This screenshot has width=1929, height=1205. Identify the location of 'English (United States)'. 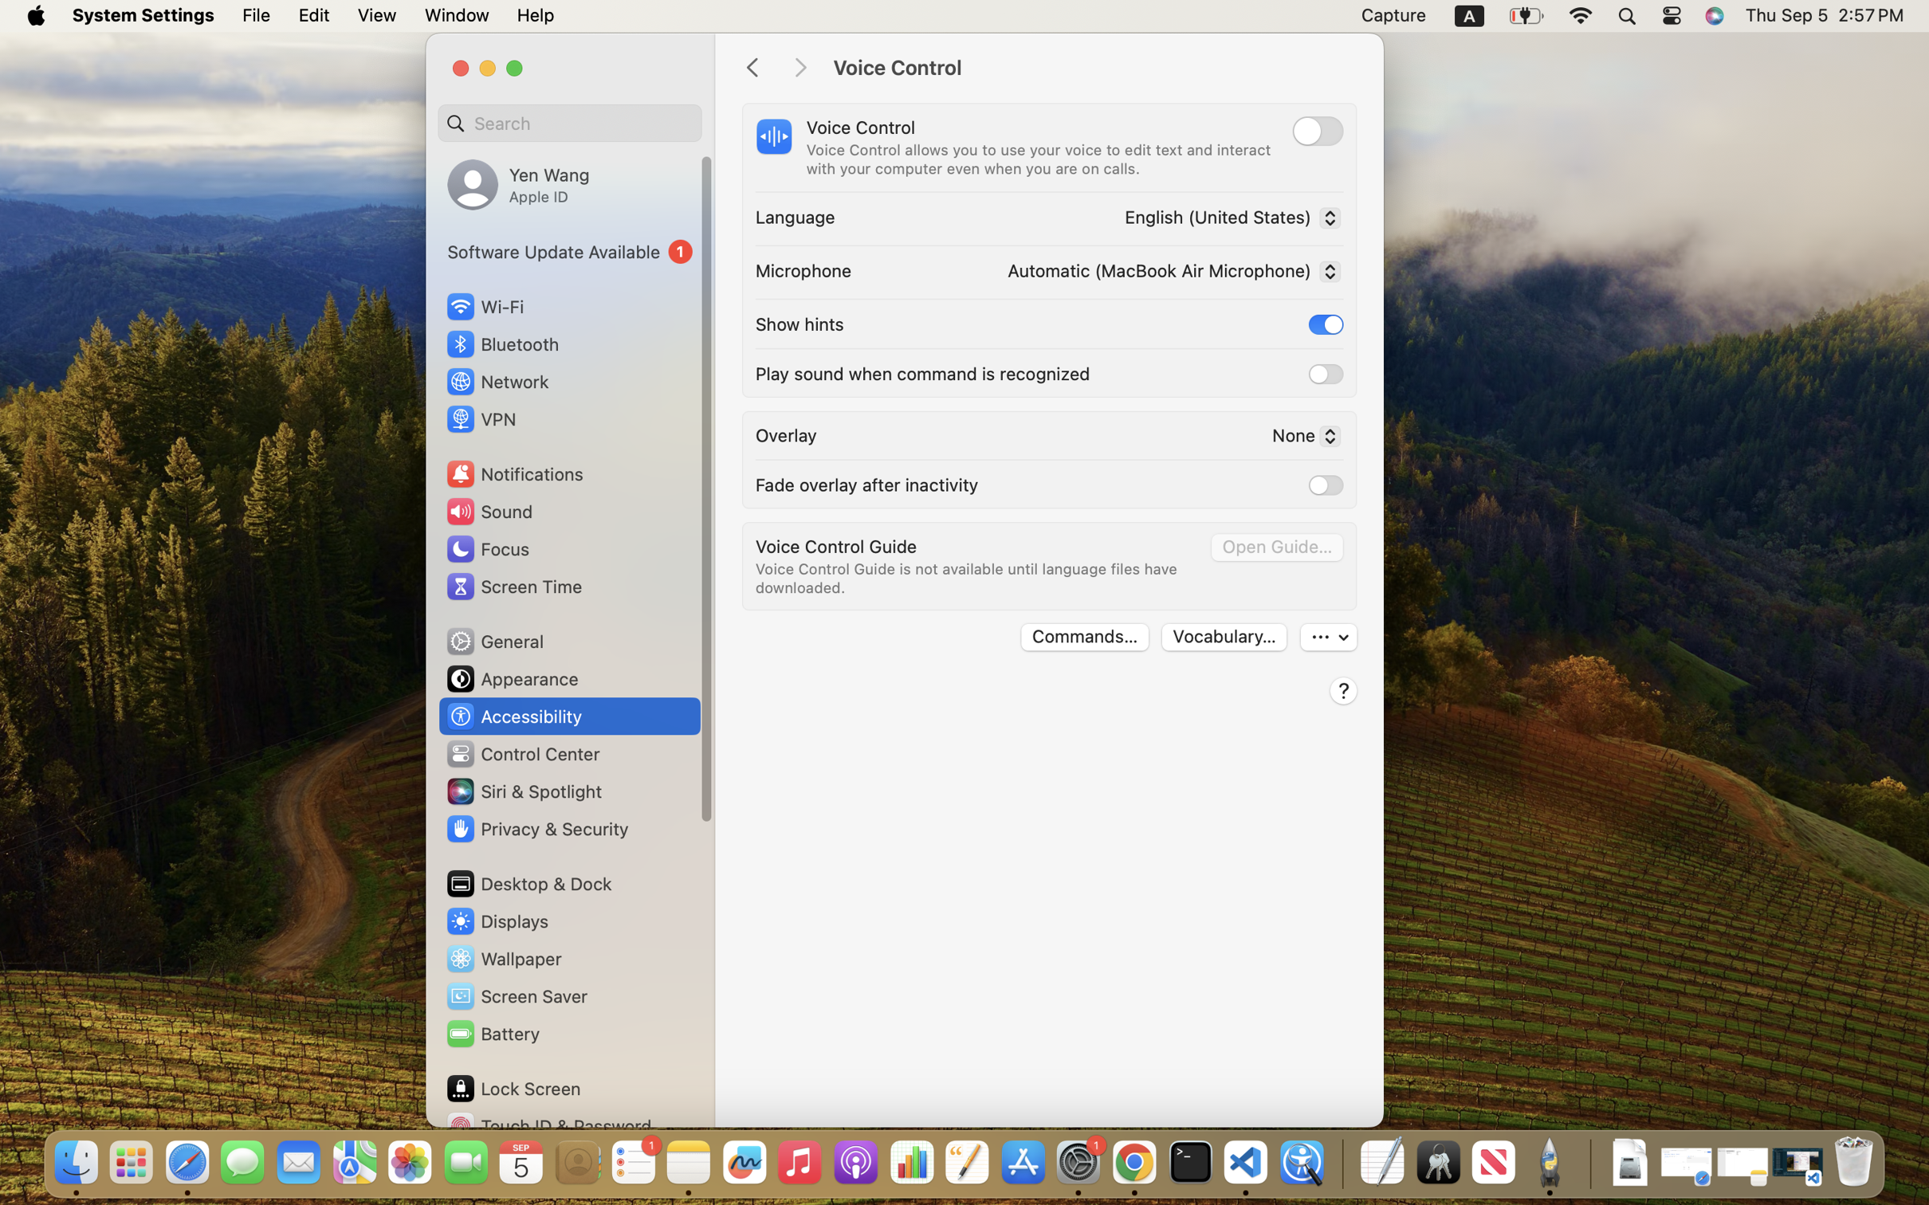
(1228, 220).